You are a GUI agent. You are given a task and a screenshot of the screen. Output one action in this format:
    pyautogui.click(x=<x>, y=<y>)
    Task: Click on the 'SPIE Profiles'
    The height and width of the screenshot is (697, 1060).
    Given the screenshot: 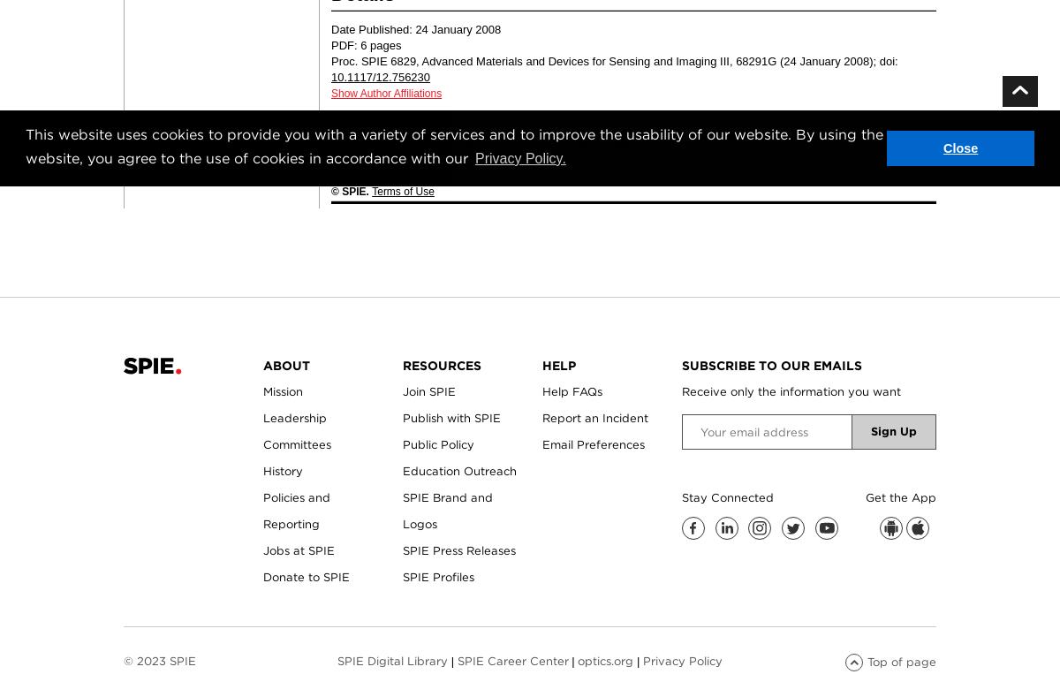 What is the action you would take?
    pyautogui.click(x=437, y=576)
    